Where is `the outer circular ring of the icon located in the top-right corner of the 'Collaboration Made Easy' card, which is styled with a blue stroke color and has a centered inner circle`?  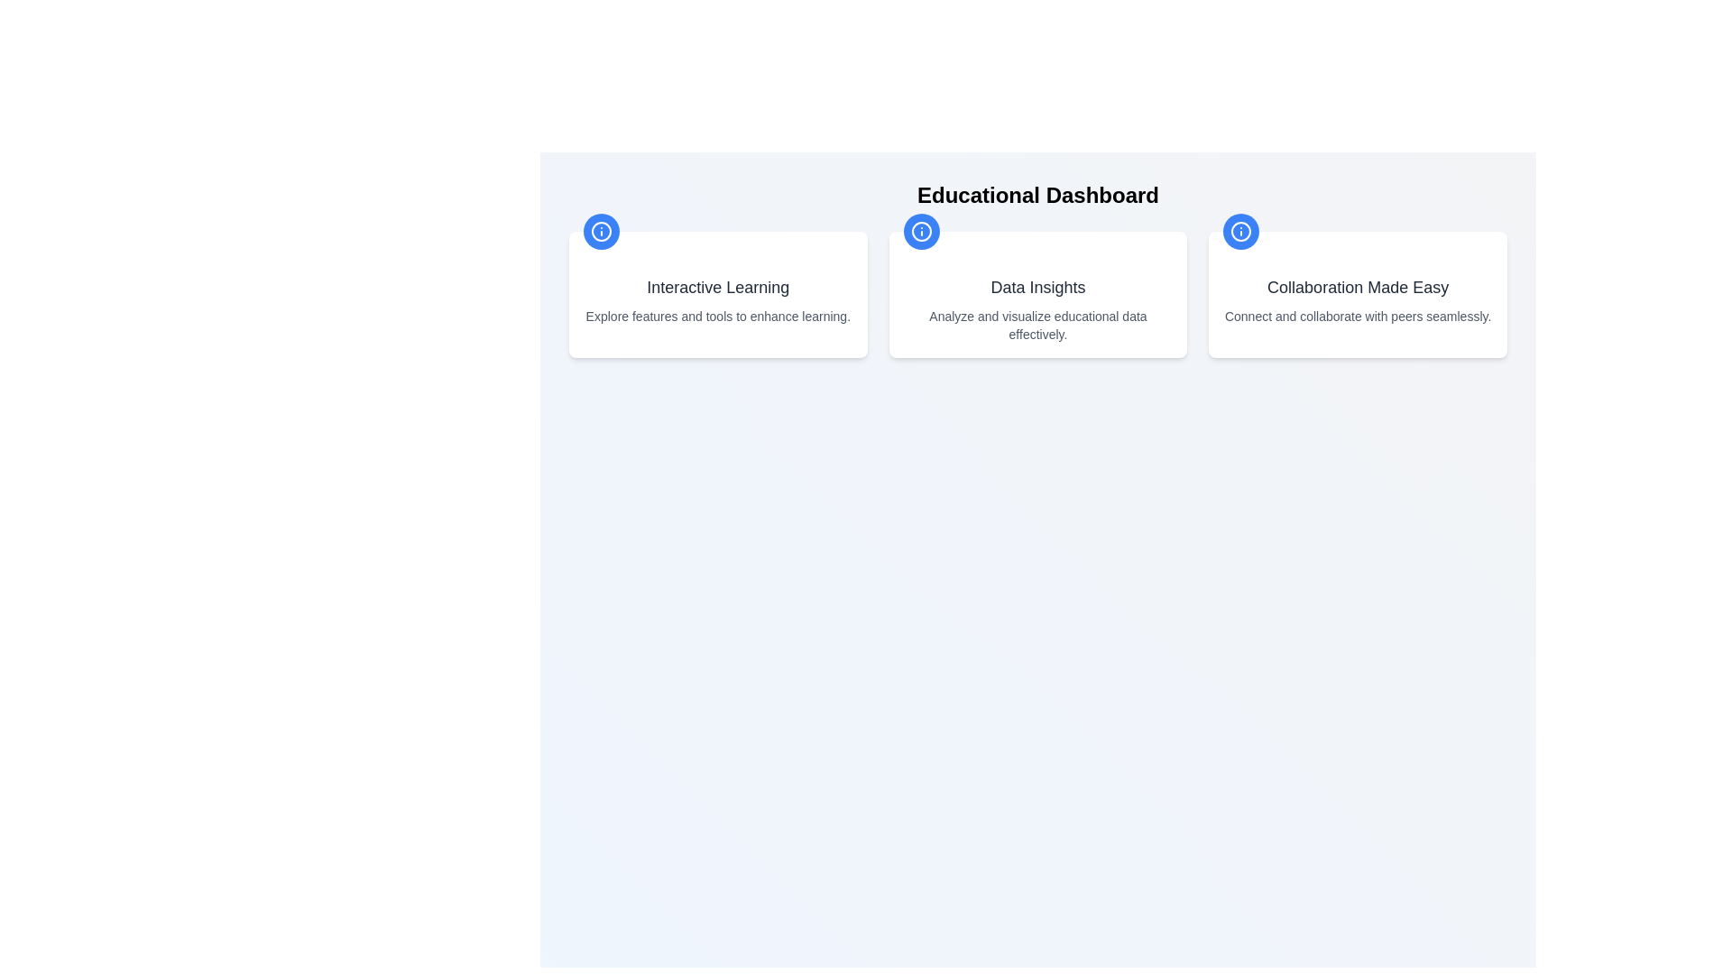
the outer circular ring of the icon located in the top-right corner of the 'Collaboration Made Easy' card, which is styled with a blue stroke color and has a centered inner circle is located at coordinates (1240, 231).